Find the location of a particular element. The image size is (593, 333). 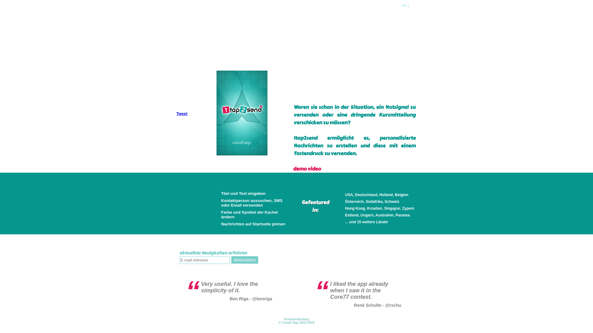

'demo video' is located at coordinates (307, 169).